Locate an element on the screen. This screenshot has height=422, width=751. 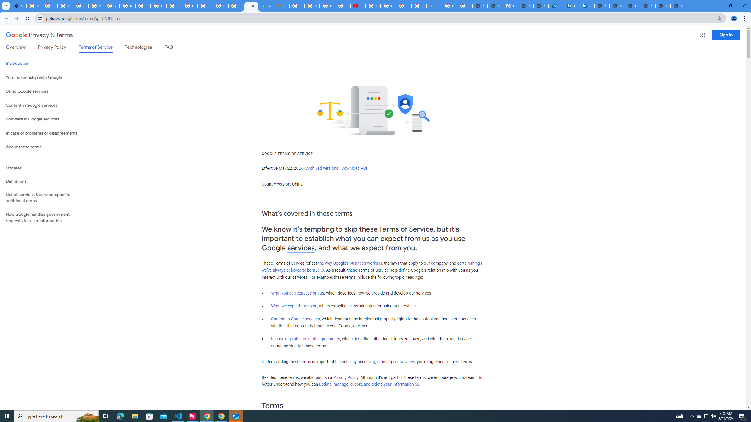
'Archived versions' is located at coordinates (322, 168).